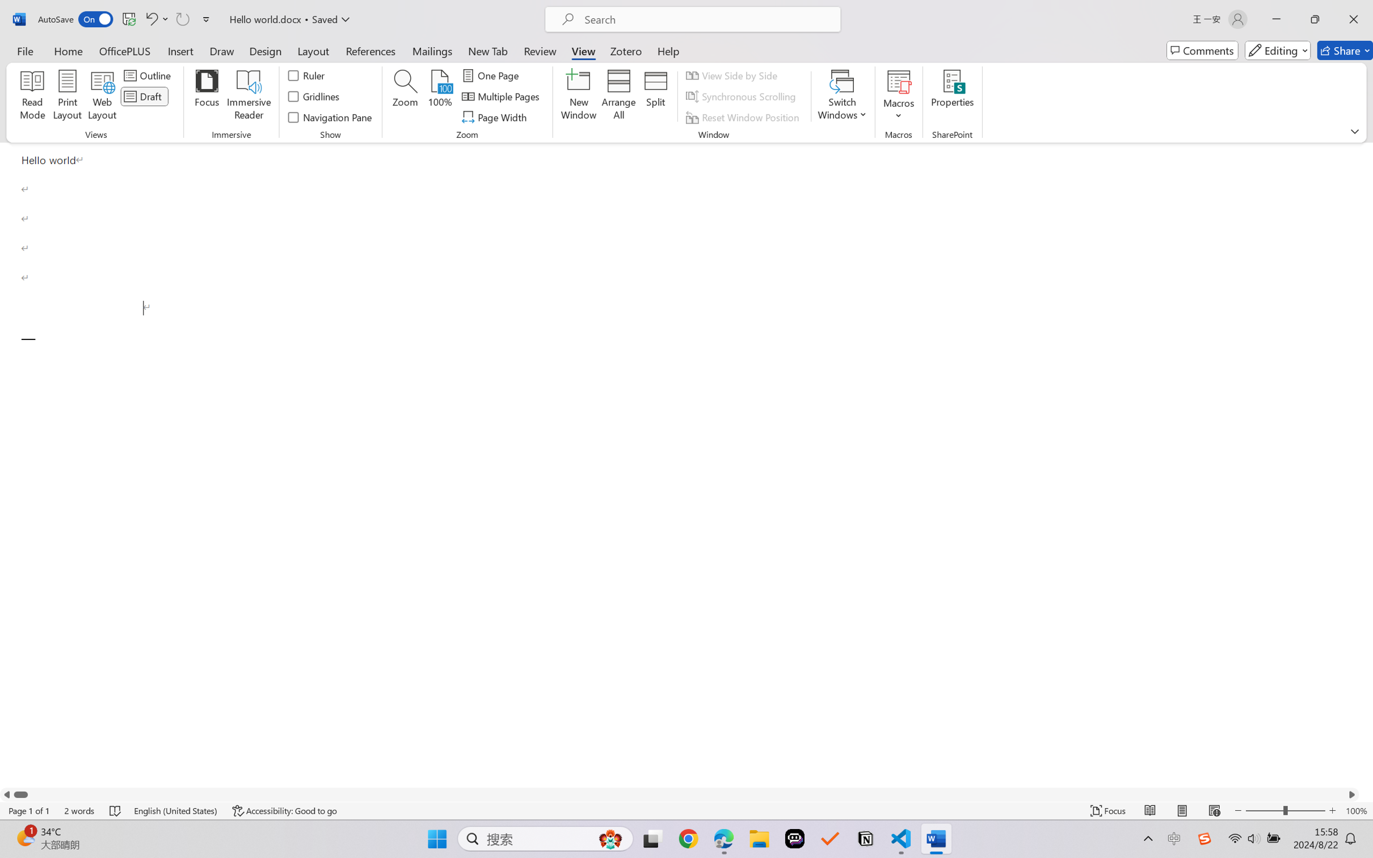  Describe the element at coordinates (1204, 839) in the screenshot. I see `'Class: Image'` at that location.